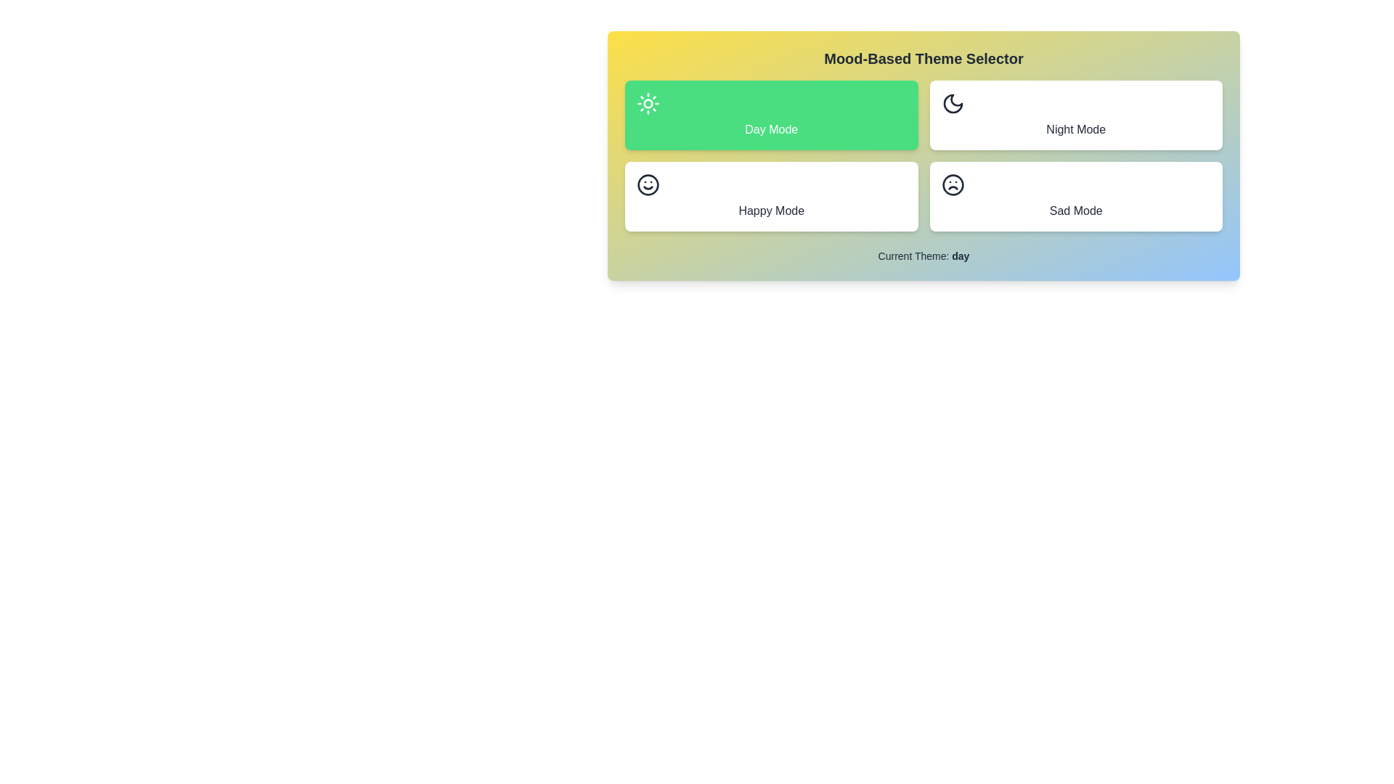 This screenshot has width=1394, height=784. What do you see at coordinates (770, 114) in the screenshot?
I see `the theme day by clicking on its corresponding button` at bounding box center [770, 114].